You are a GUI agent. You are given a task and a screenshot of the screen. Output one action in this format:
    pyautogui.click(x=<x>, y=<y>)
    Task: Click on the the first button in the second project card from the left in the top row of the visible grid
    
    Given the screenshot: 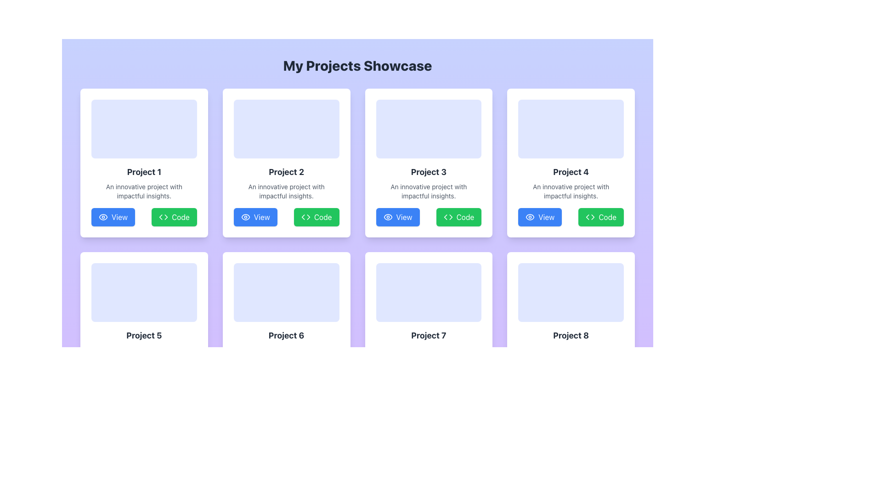 What is the action you would take?
    pyautogui.click(x=255, y=217)
    